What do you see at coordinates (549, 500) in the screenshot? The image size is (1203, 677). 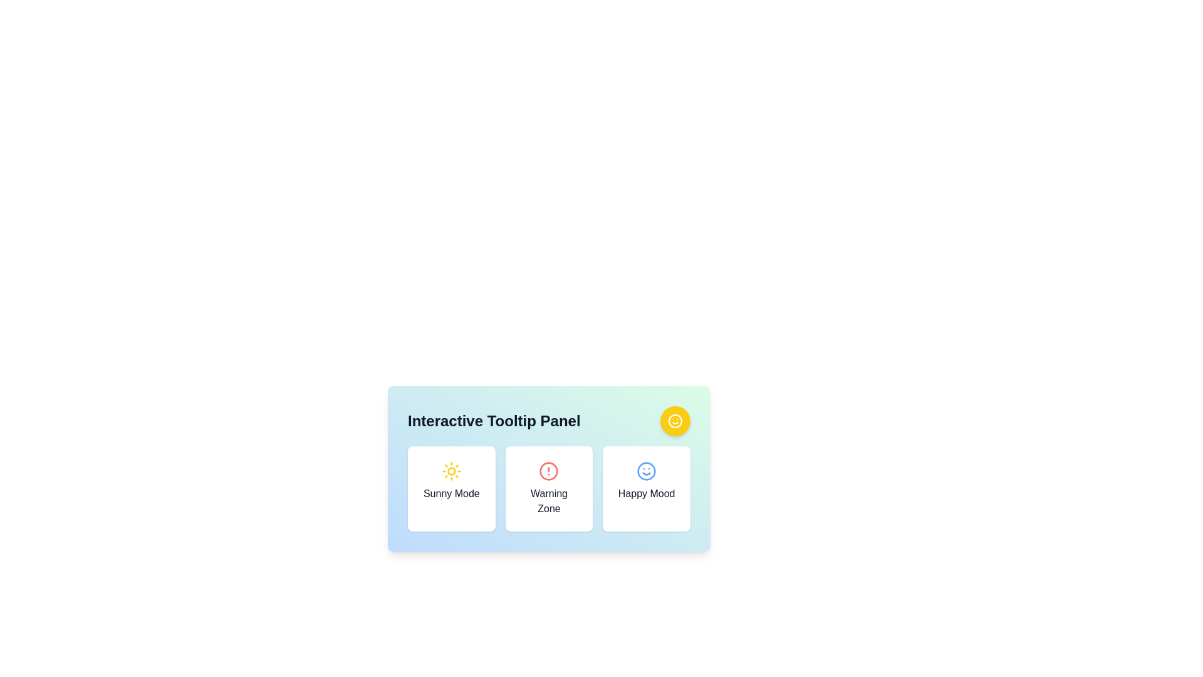 I see `the 'Warning Zone' text label, which is centrally positioned beneath the warning icon in the second panel between 'Sunny Mode' and 'Happy Mood'` at bounding box center [549, 500].